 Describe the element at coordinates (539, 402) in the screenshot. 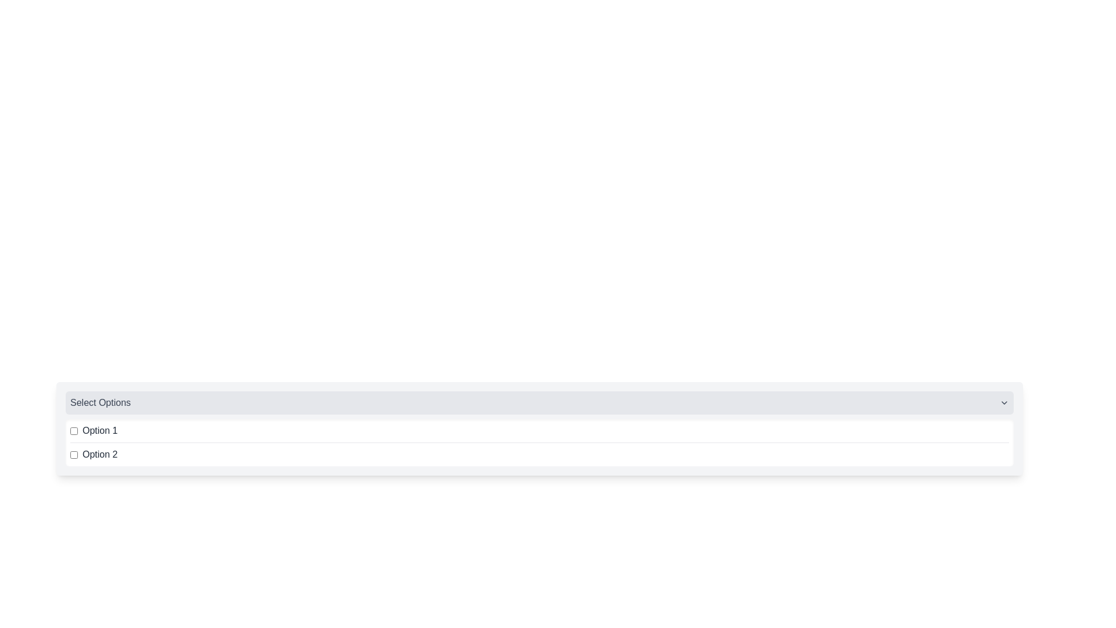

I see `the Dropdown Header labeled 'Select Options' by navigating to its center point for further interaction` at that location.